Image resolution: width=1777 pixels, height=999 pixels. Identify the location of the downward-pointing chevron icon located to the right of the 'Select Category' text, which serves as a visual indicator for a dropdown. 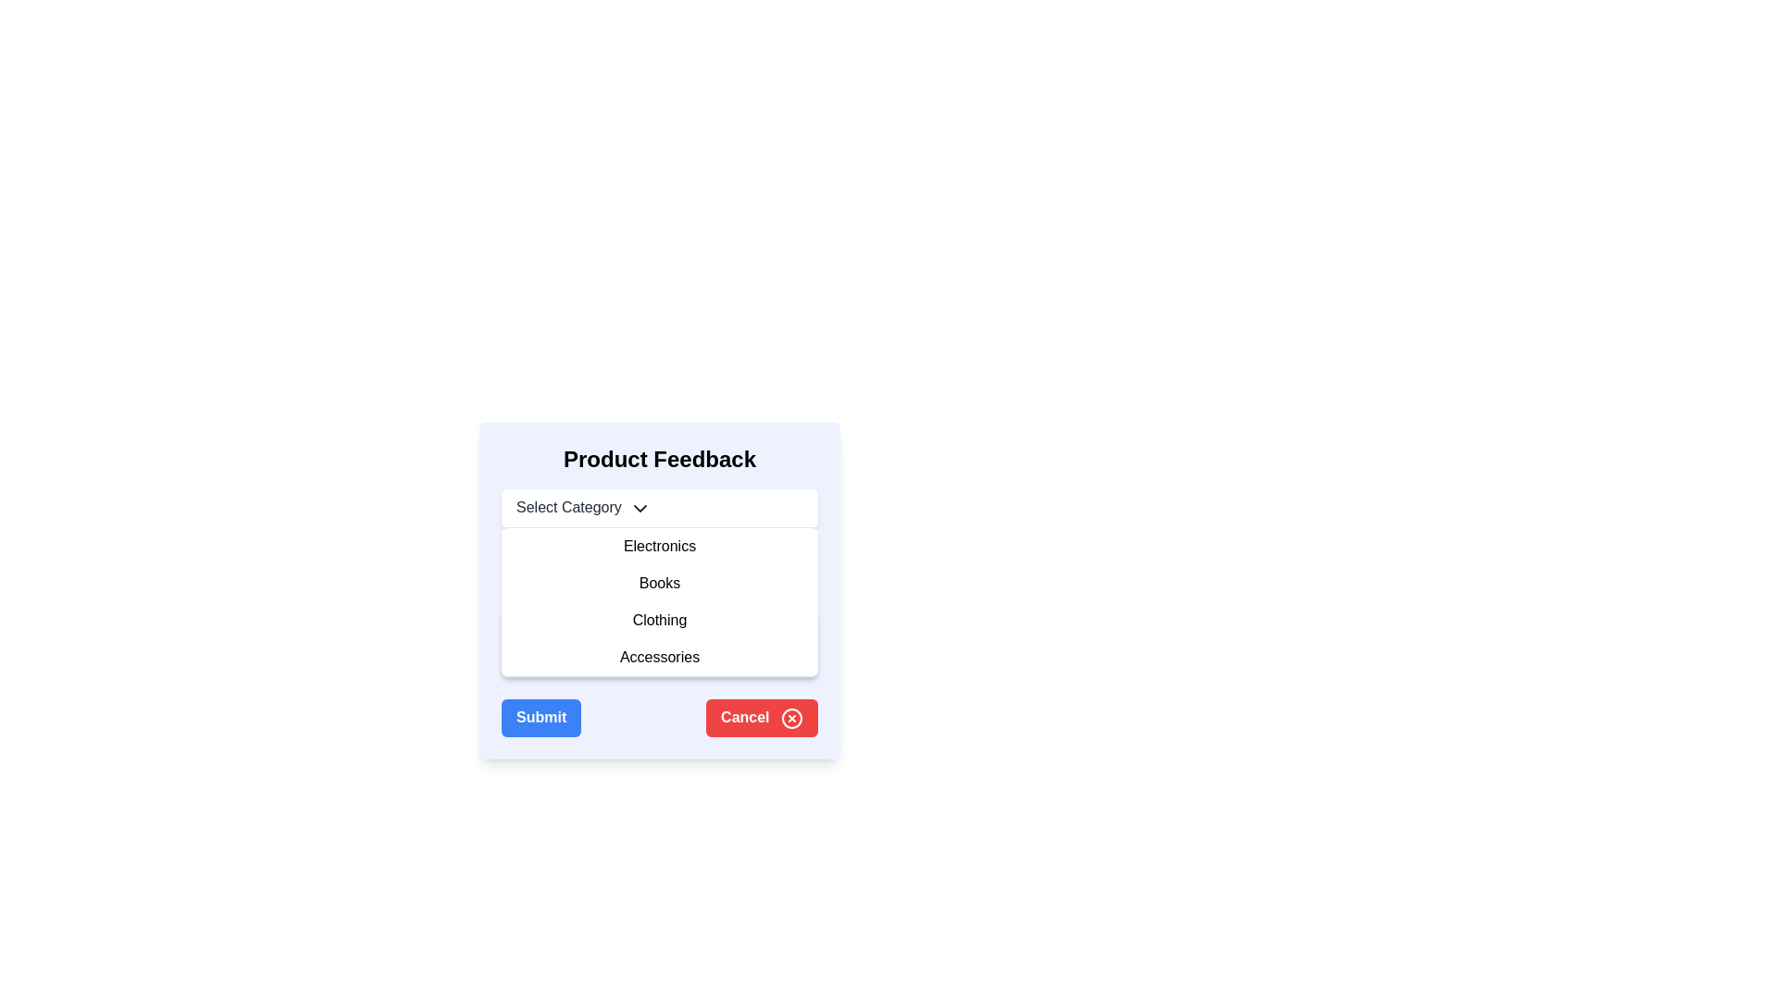
(640, 508).